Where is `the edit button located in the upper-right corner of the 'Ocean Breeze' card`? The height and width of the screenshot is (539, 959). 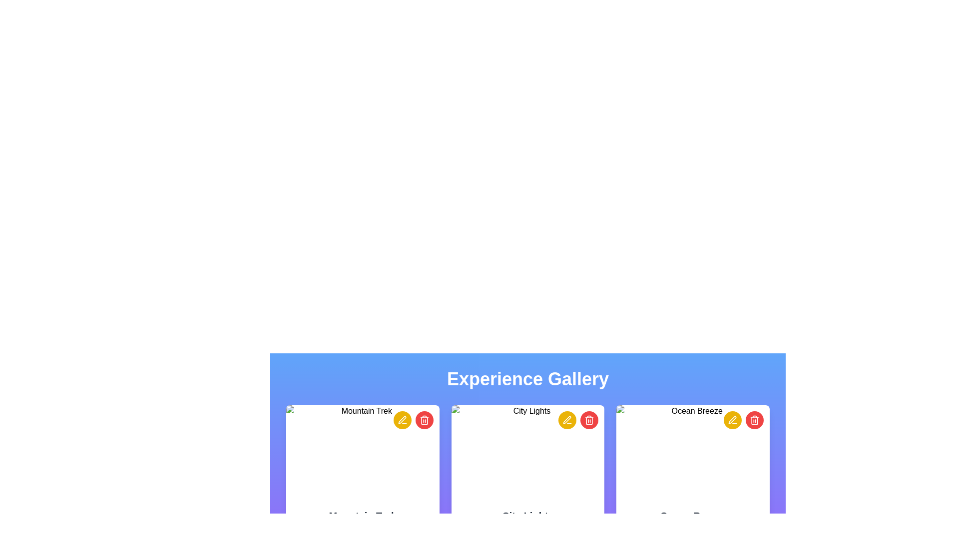 the edit button located in the upper-right corner of the 'Ocean Breeze' card is located at coordinates (733, 420).